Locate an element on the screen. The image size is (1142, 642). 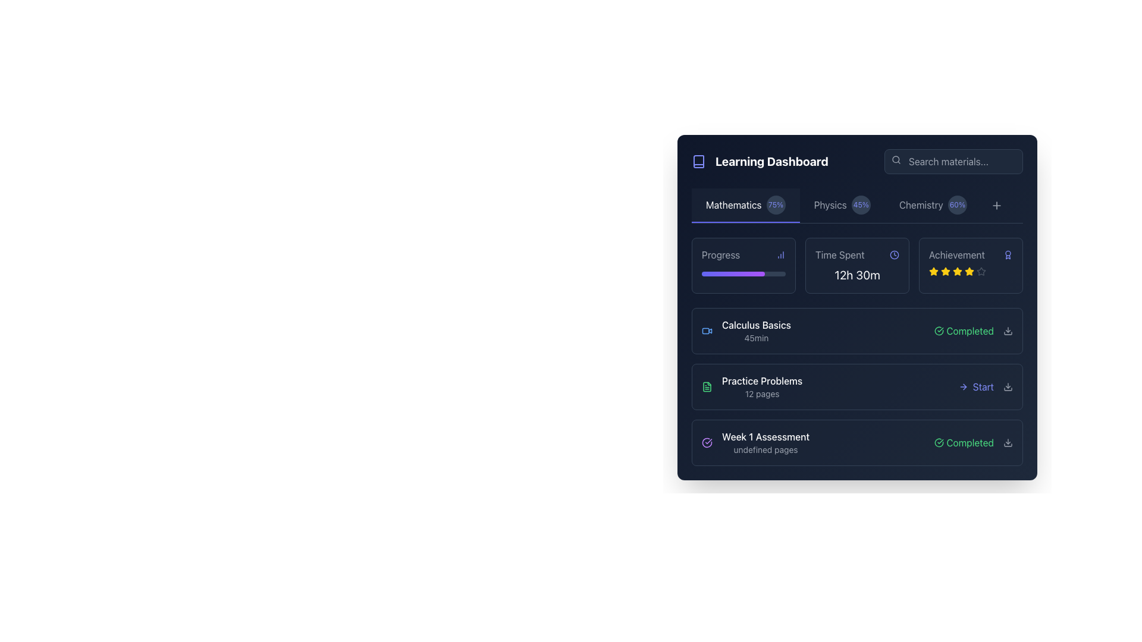
the circular icon with a tick mark inside, indicating a 'completed' status, located in the 'Calculus Basics' section is located at coordinates (939, 331).